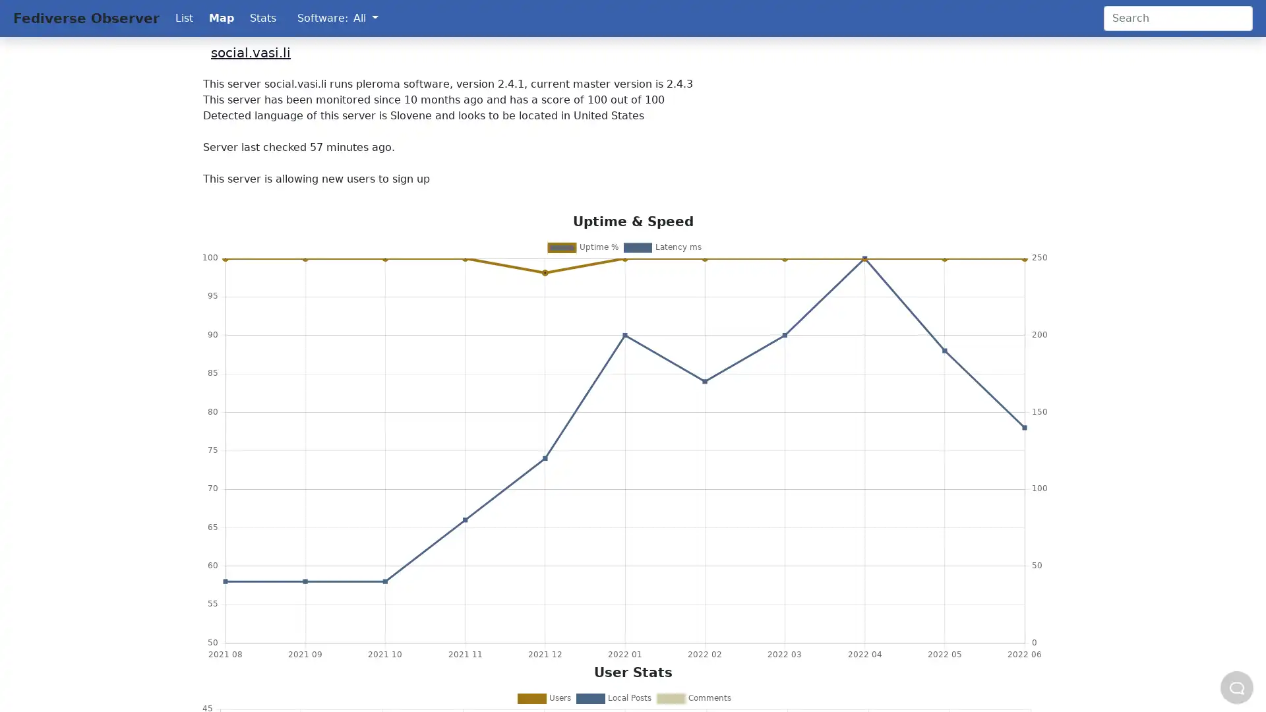 Image resolution: width=1266 pixels, height=712 pixels. I want to click on All, so click(365, 18).